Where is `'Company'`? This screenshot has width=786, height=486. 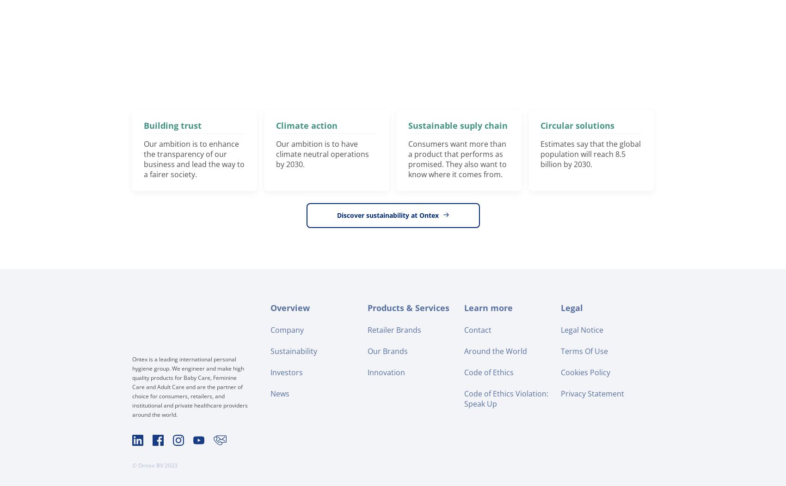 'Company' is located at coordinates (287, 330).